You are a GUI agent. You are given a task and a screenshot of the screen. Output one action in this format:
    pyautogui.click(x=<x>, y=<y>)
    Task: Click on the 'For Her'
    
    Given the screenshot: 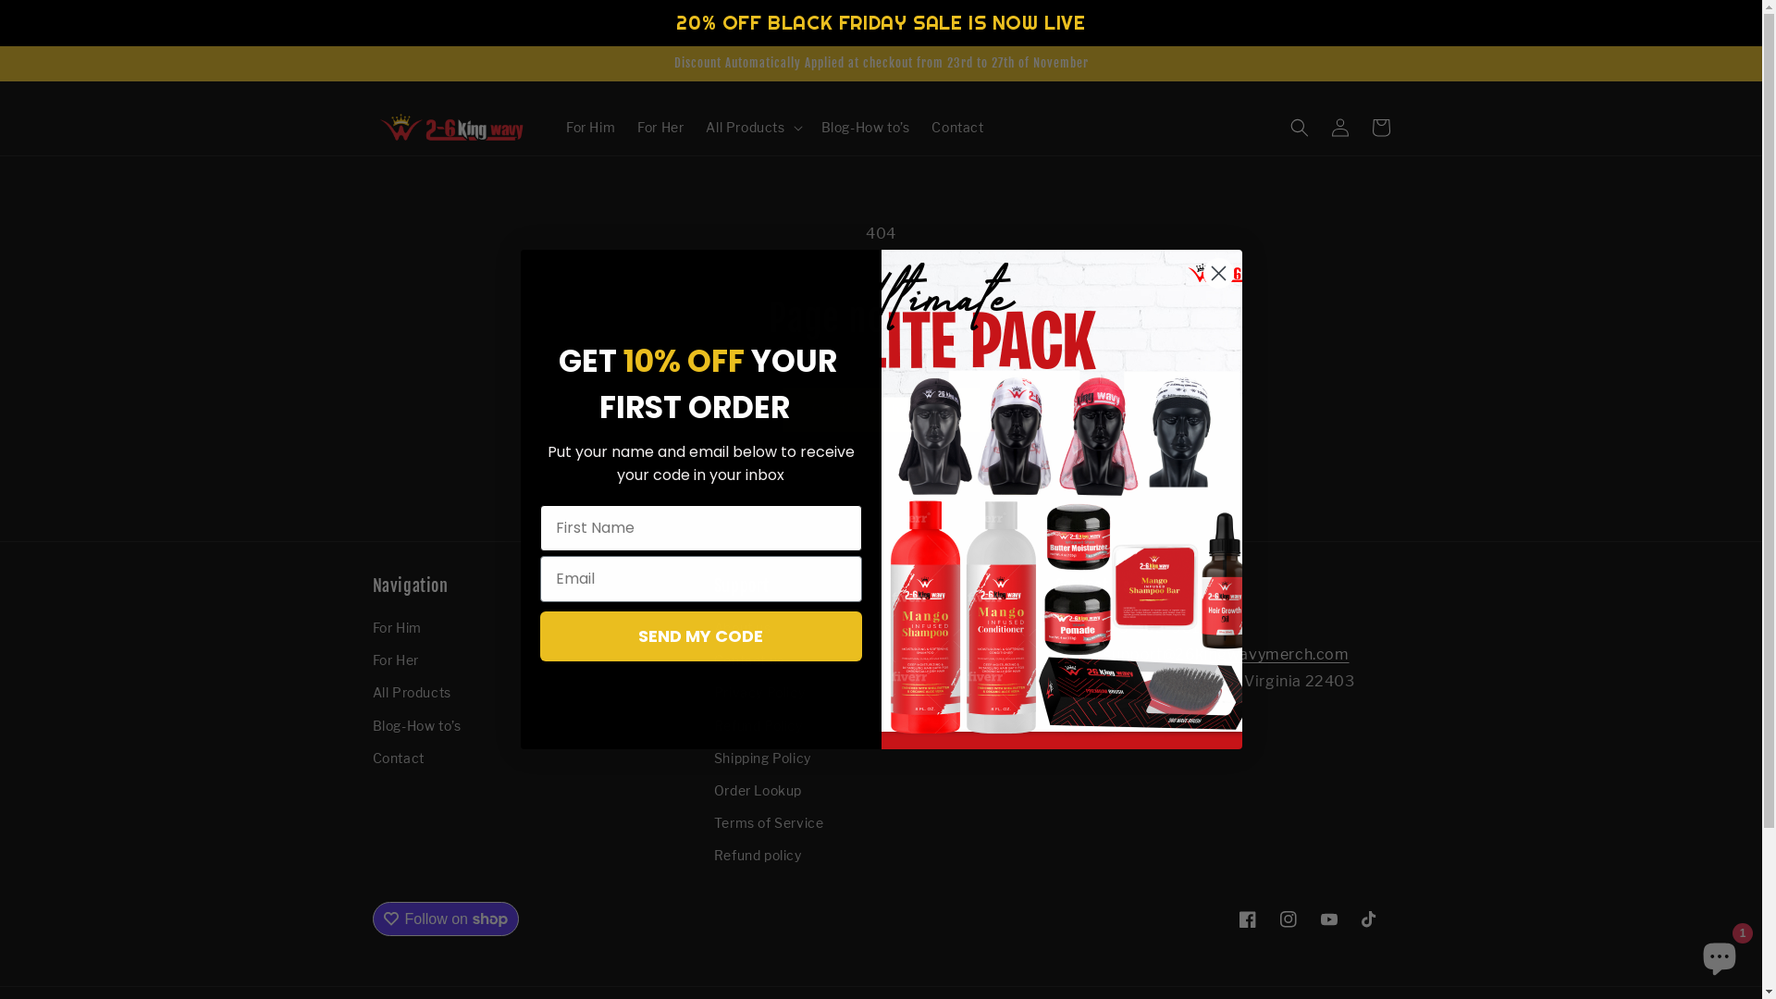 What is the action you would take?
    pyautogui.click(x=394, y=659)
    